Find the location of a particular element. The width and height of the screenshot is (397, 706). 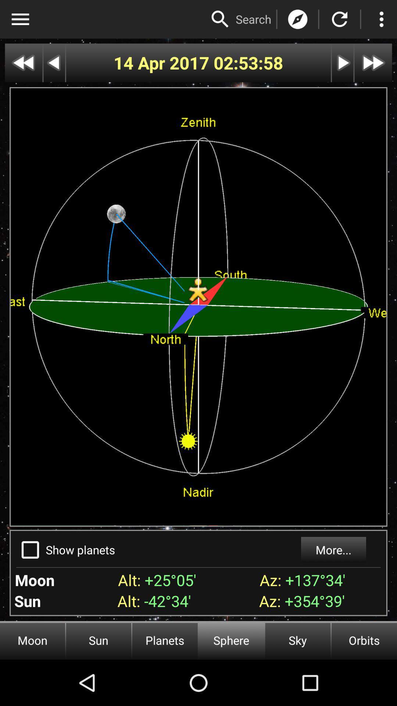

compass button to point at north is located at coordinates (298, 19).